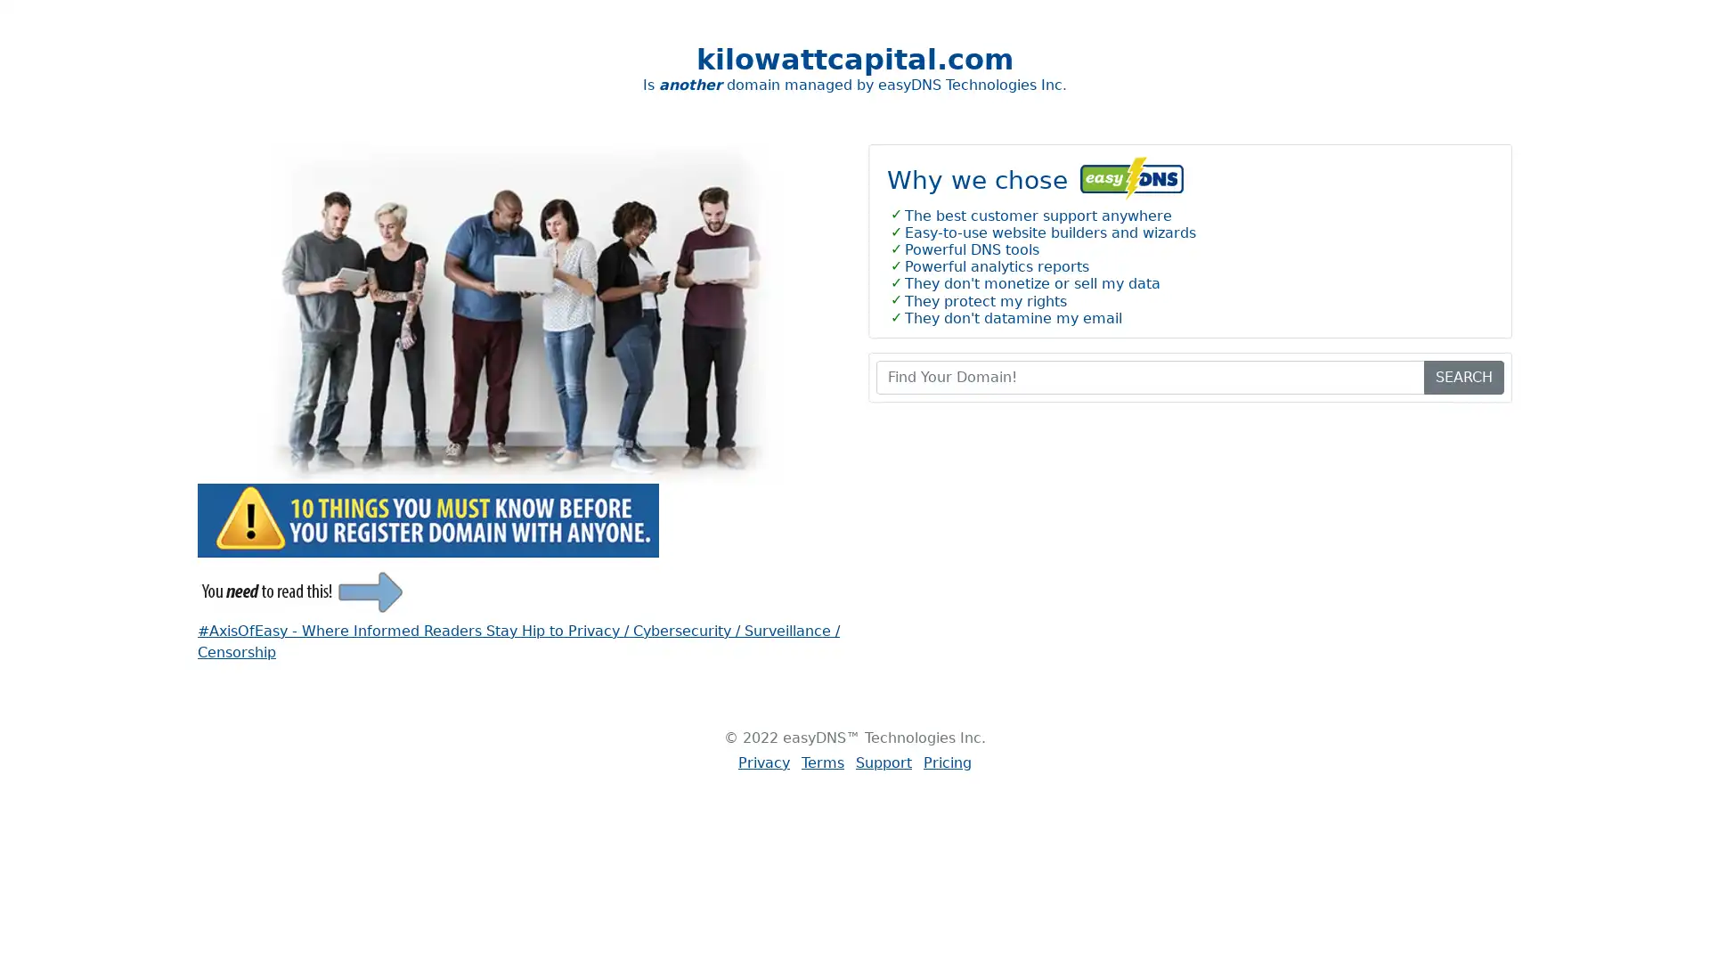  Describe the element at coordinates (1463, 376) in the screenshot. I see `SEARCH` at that location.